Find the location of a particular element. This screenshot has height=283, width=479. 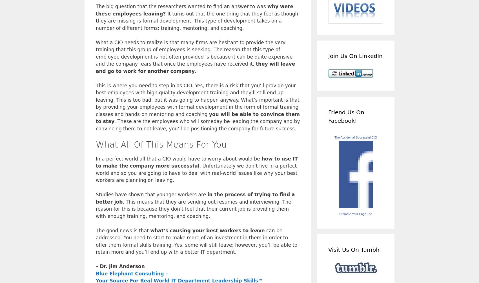

'. These are the employees who will someday be leading the company and by convincing them to not leave, you’ll be positioning the company for future success.' is located at coordinates (96, 125).